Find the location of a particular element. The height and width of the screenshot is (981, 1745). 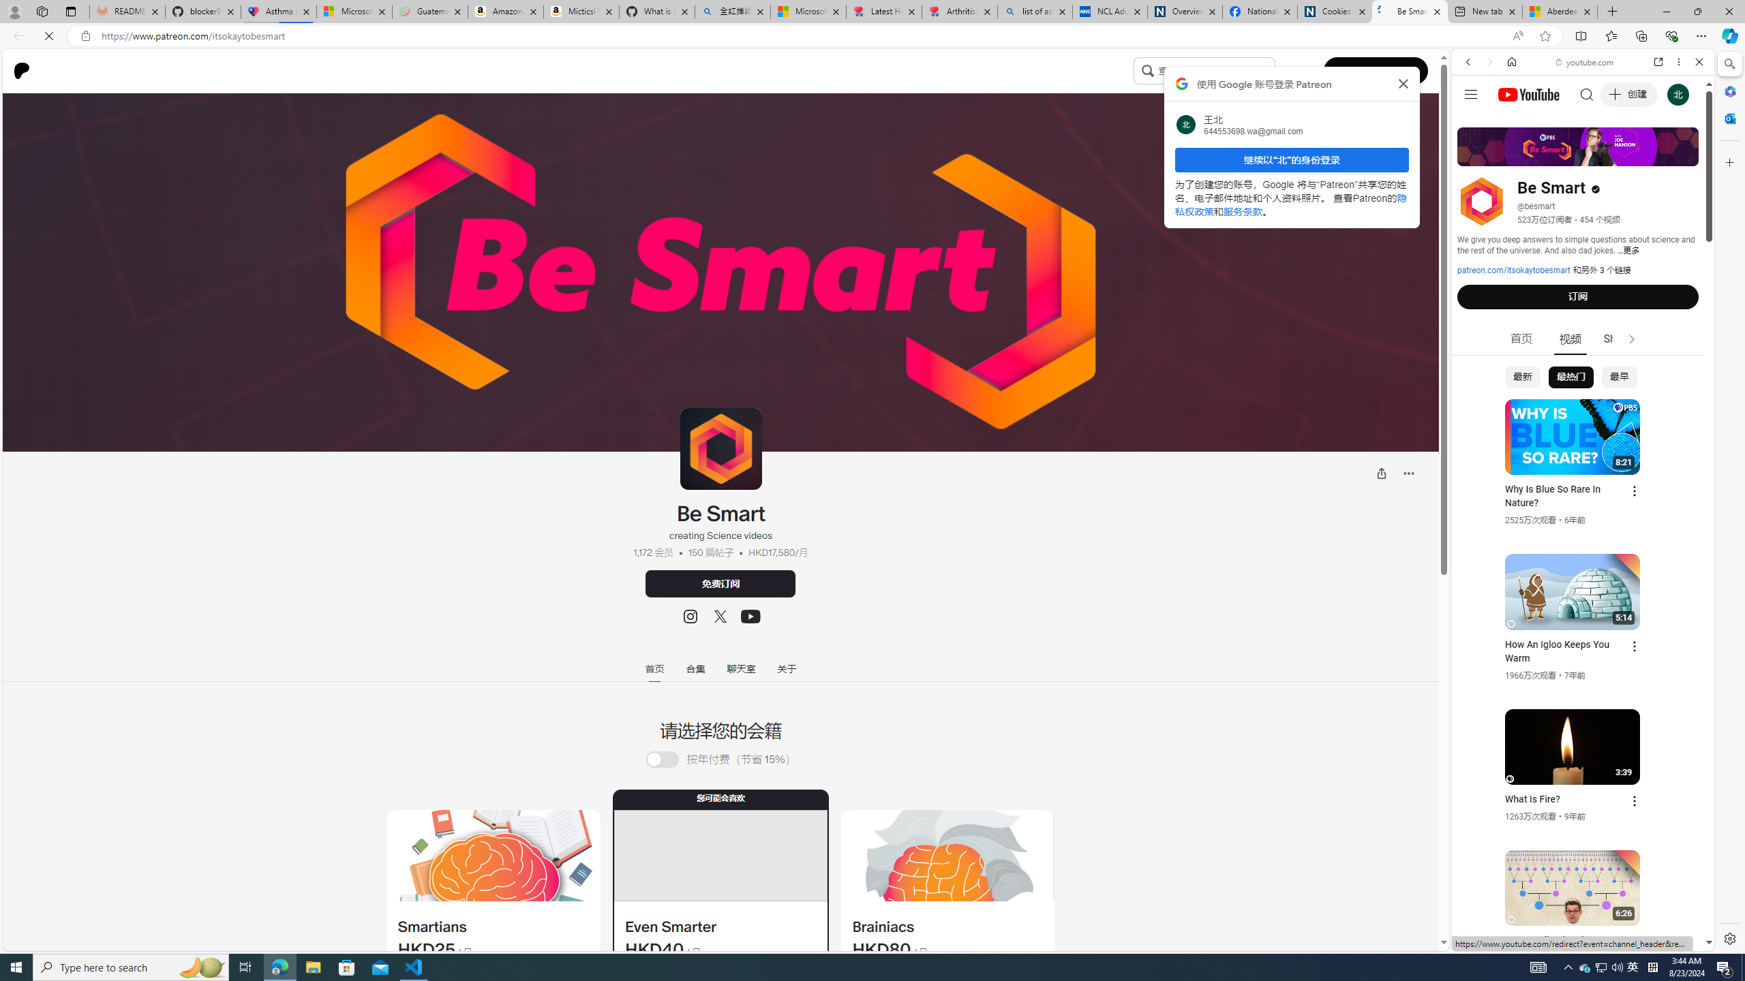

'you' is located at coordinates (1577, 905).